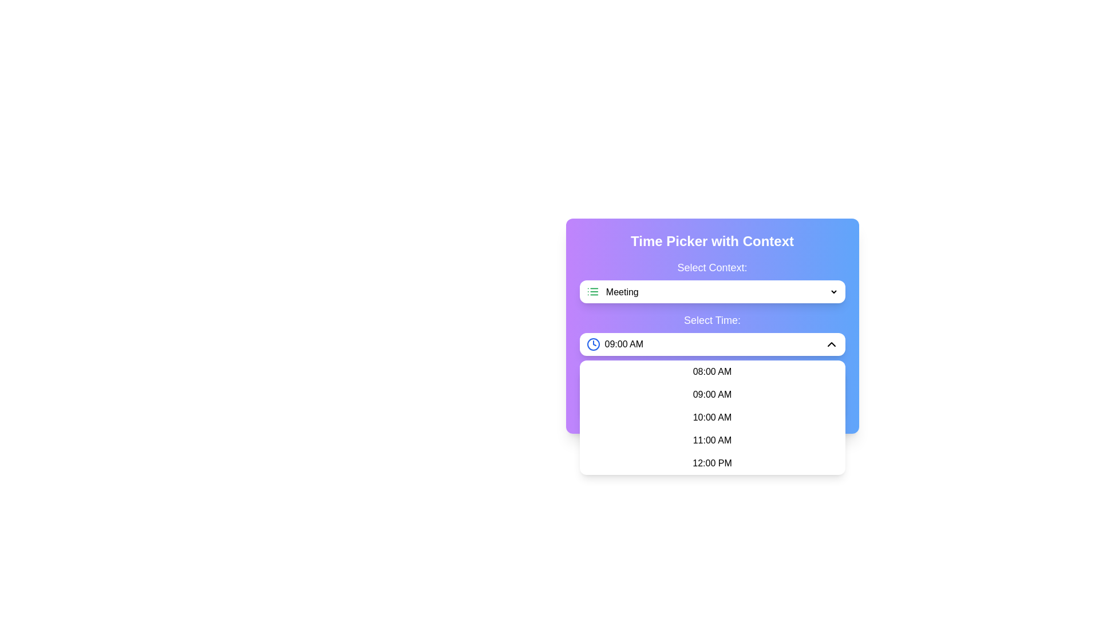 The height and width of the screenshot is (618, 1099). I want to click on the green list icon SVG element, which is positioned to the left of the 'Meeting' text in the Time Picker with Context section, so click(592, 291).